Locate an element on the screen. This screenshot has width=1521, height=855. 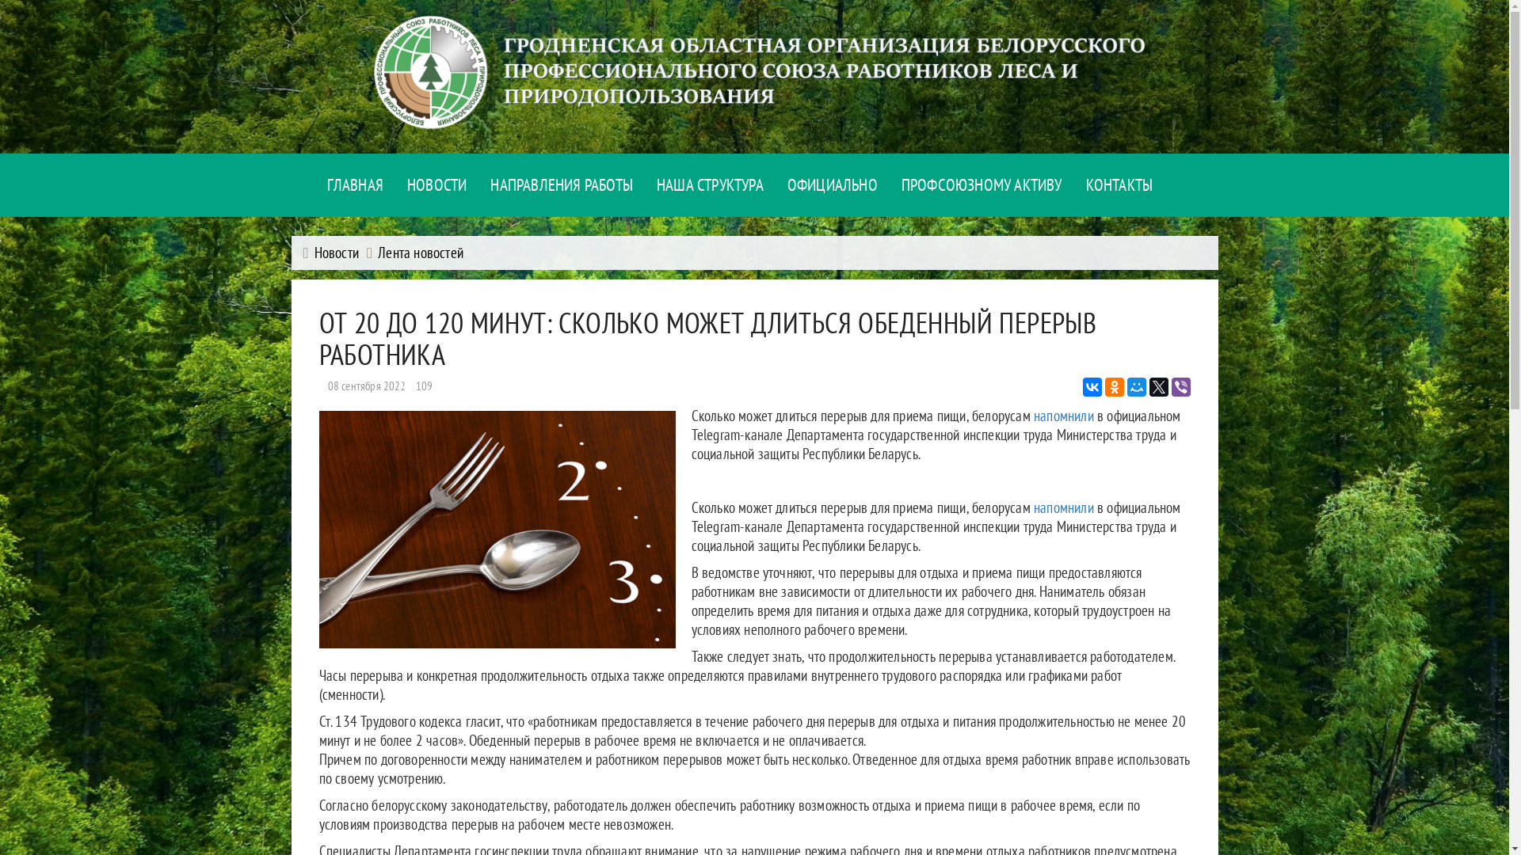
'Viber' is located at coordinates (1180, 387).